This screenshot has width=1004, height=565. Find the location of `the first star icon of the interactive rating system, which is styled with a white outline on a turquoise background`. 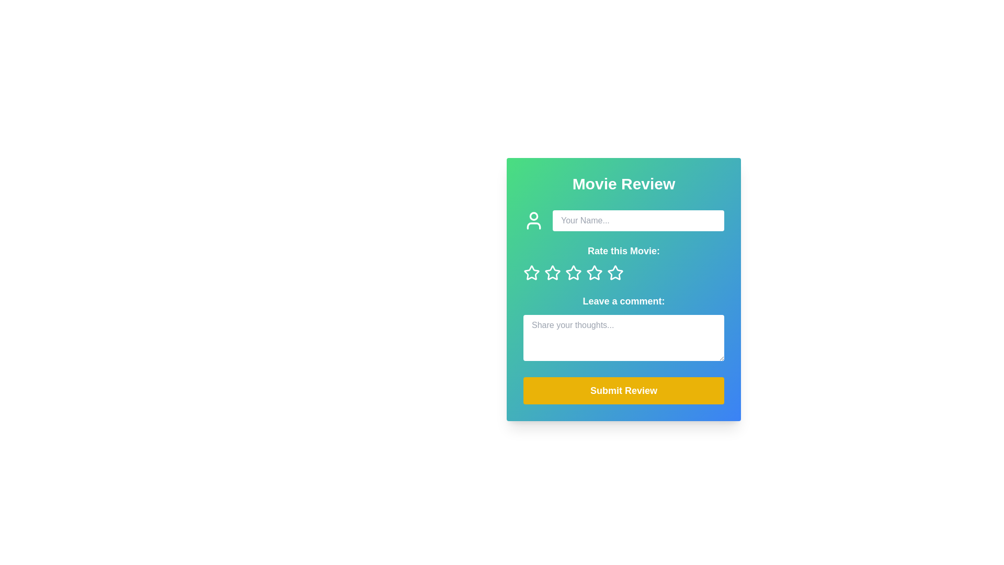

the first star icon of the interactive rating system, which is styled with a white outline on a turquoise background is located at coordinates (532, 272).